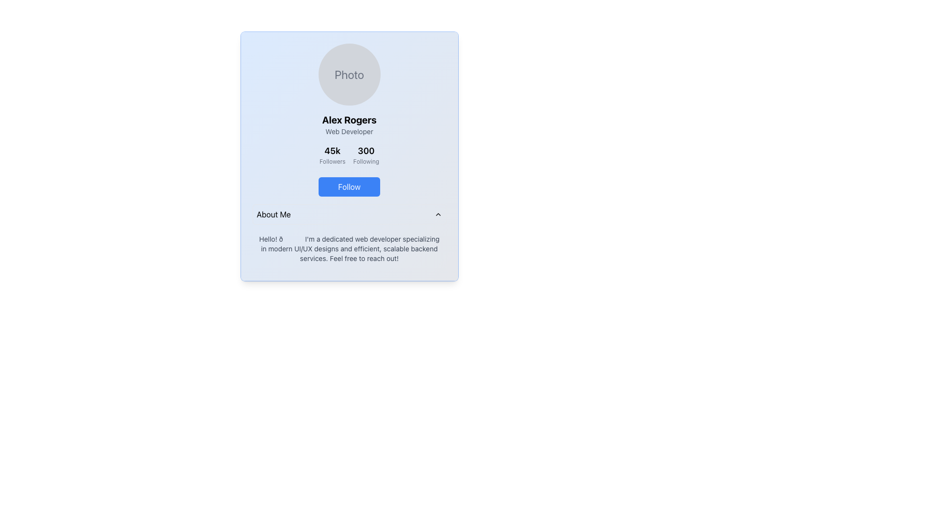  What do you see at coordinates (349, 119) in the screenshot?
I see `the text display reading 'Alex Rogers', which is styled in bold and larger font size, and is centrally aligned beneath the avatar image` at bounding box center [349, 119].